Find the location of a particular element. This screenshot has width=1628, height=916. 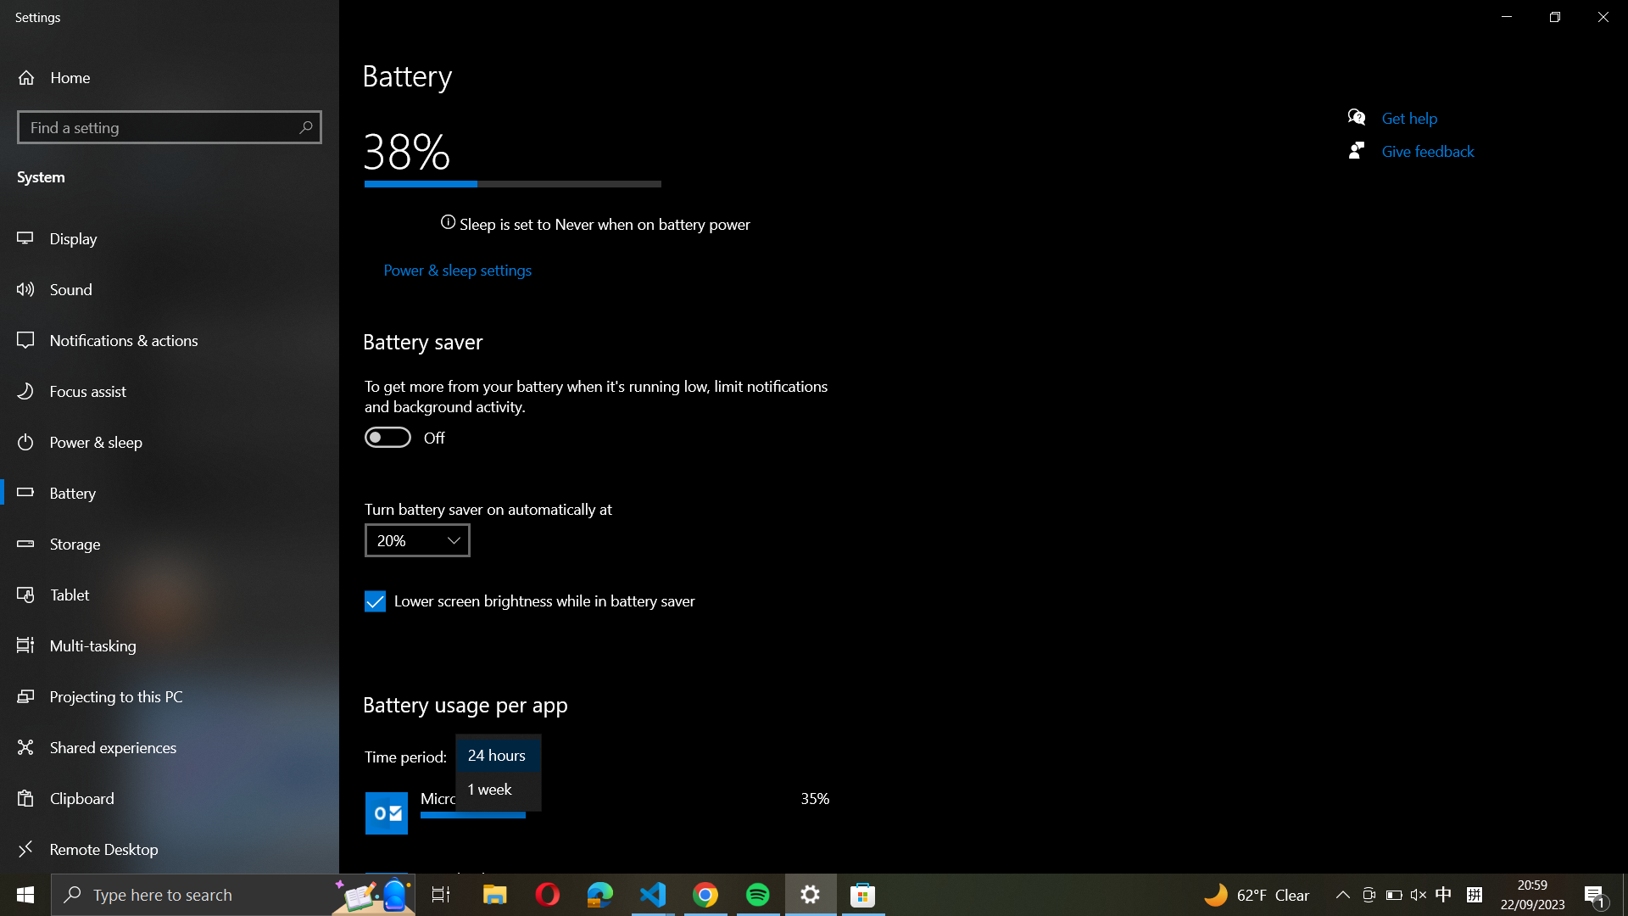

the display options is located at coordinates (171, 237).